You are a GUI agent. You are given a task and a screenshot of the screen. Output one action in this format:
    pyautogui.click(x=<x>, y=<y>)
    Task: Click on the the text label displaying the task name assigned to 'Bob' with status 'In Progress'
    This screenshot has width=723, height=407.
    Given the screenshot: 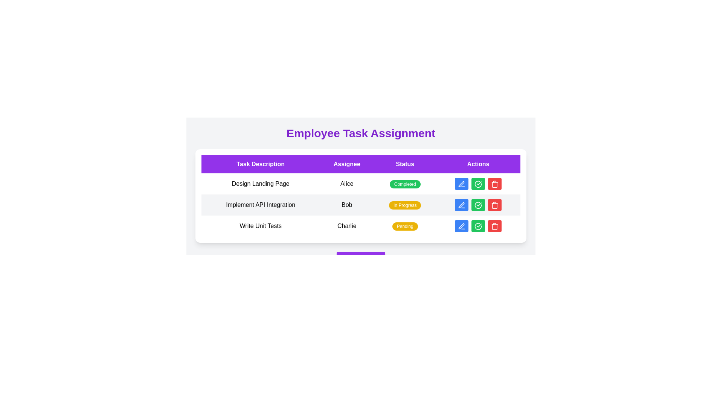 What is the action you would take?
    pyautogui.click(x=261, y=205)
    